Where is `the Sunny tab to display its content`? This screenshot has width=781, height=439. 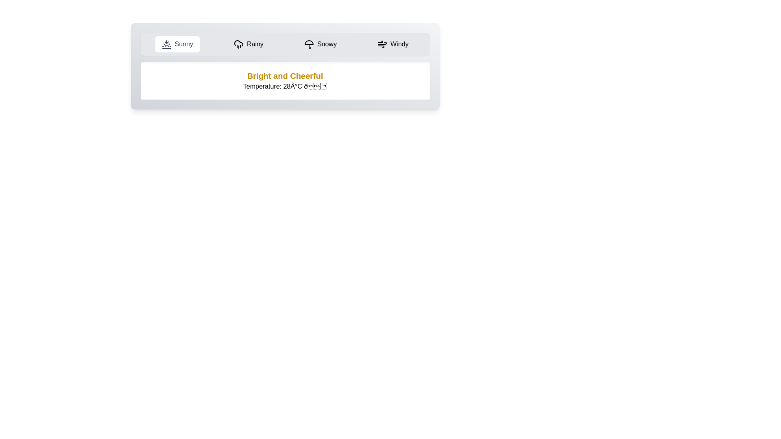 the Sunny tab to display its content is located at coordinates (177, 44).